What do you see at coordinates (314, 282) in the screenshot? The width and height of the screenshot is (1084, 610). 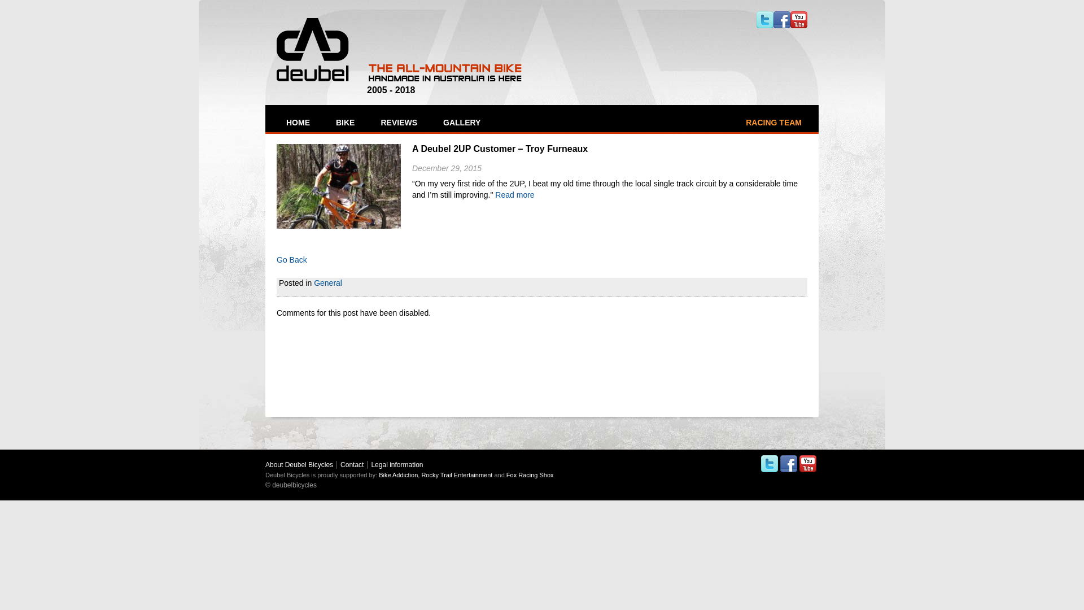 I see `'General'` at bounding box center [314, 282].